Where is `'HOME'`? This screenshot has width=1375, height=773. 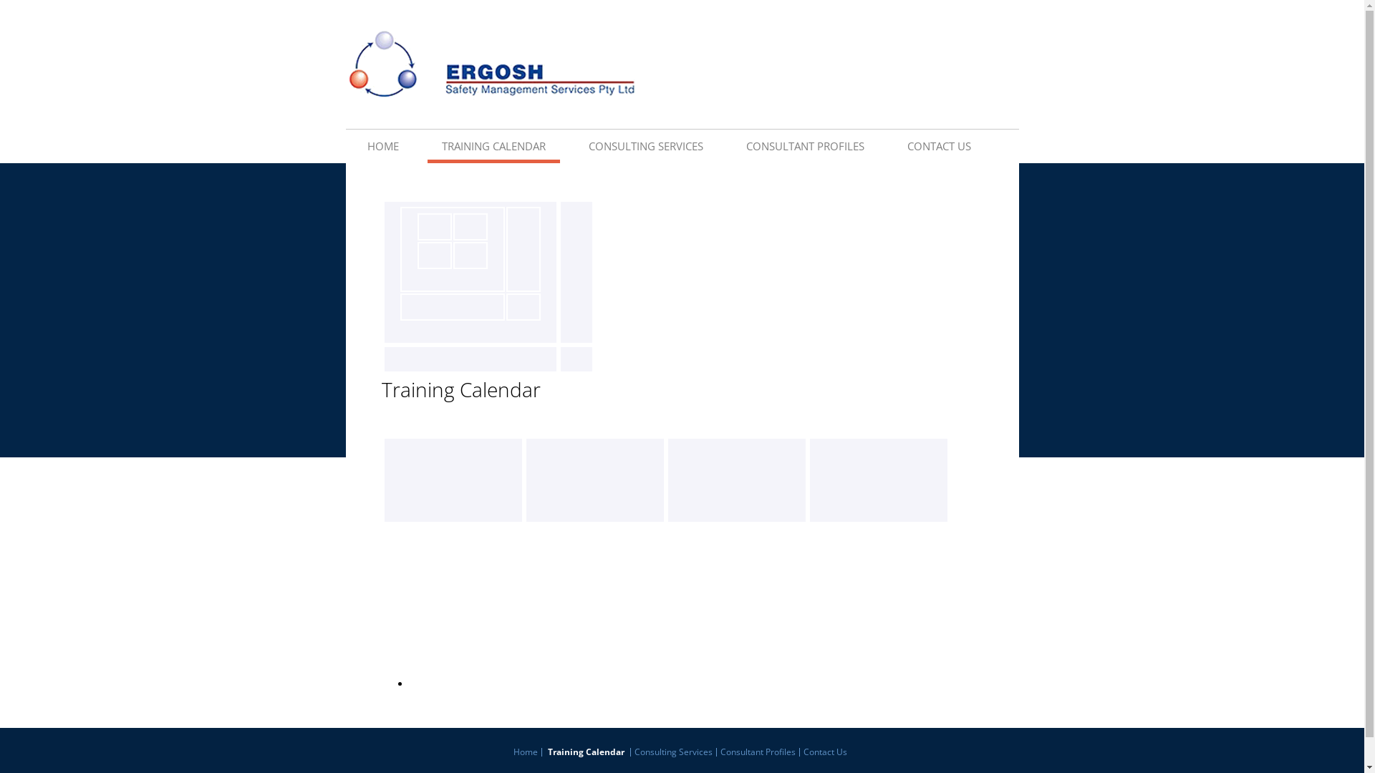 'HOME' is located at coordinates (382, 144).